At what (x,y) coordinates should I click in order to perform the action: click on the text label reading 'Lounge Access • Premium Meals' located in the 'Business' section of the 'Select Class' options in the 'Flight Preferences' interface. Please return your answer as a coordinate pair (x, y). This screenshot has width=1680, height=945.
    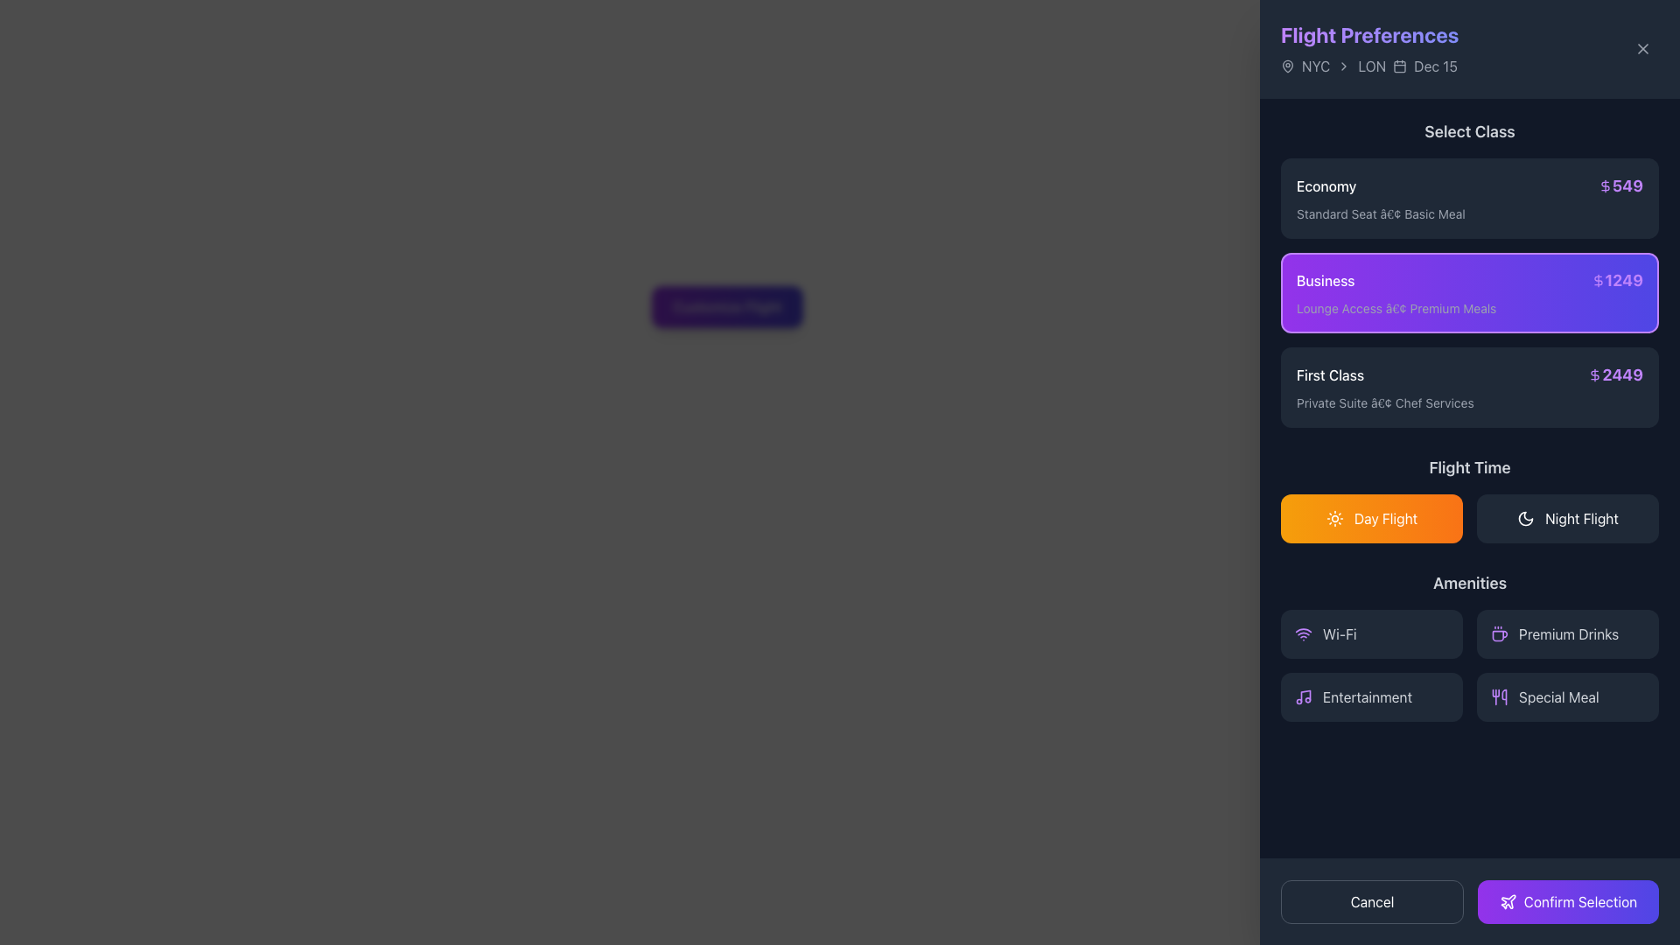
    Looking at the image, I should click on (1470, 308).